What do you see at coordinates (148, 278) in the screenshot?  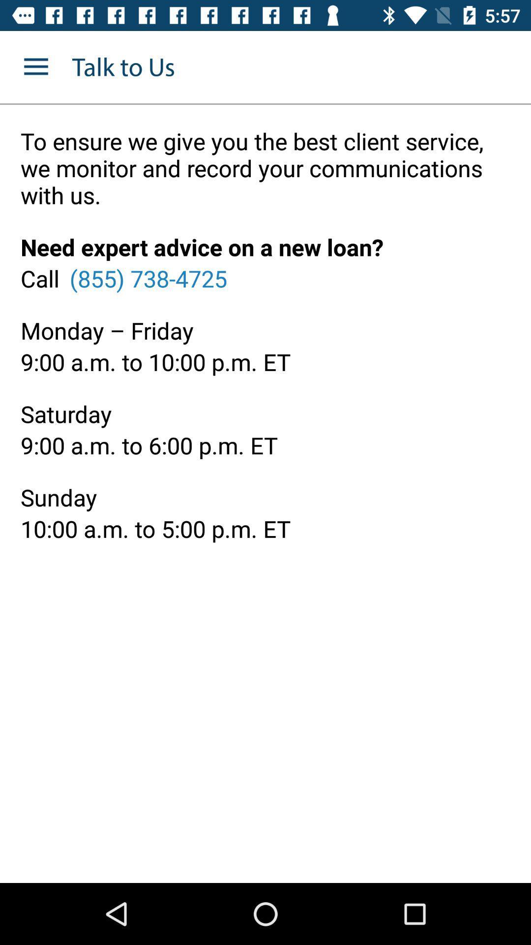 I see `icon below need expert advice icon` at bounding box center [148, 278].